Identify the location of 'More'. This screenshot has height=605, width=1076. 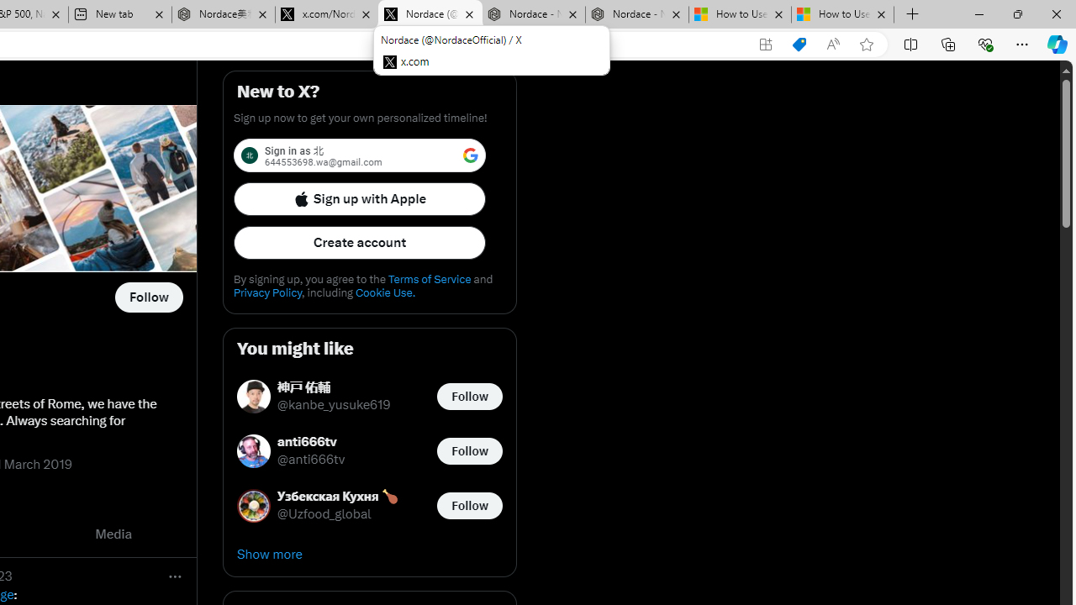
(175, 575).